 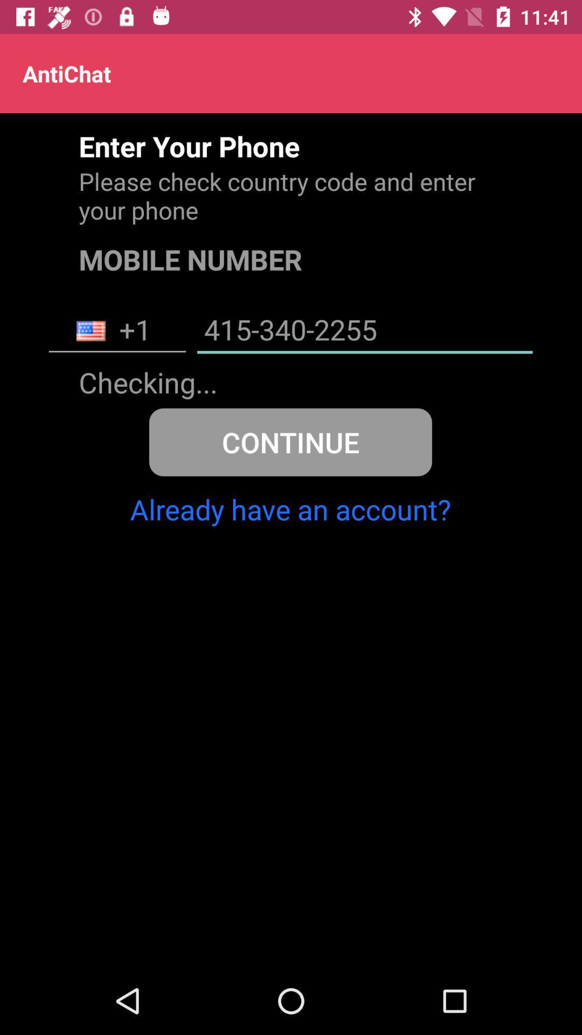 What do you see at coordinates (290, 508) in the screenshot?
I see `already have an icon` at bounding box center [290, 508].